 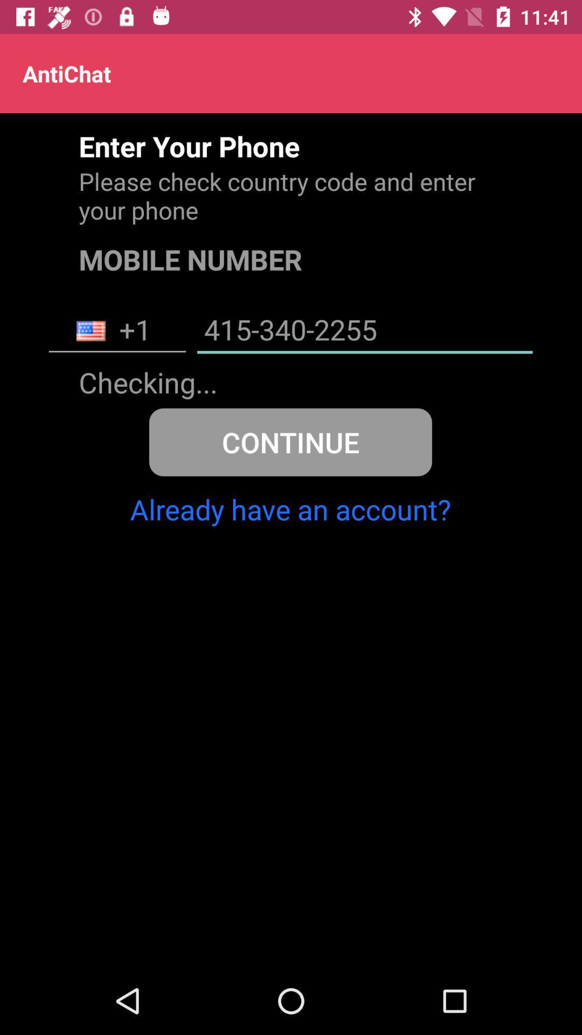 What do you see at coordinates (290, 508) in the screenshot?
I see `already have an icon` at bounding box center [290, 508].